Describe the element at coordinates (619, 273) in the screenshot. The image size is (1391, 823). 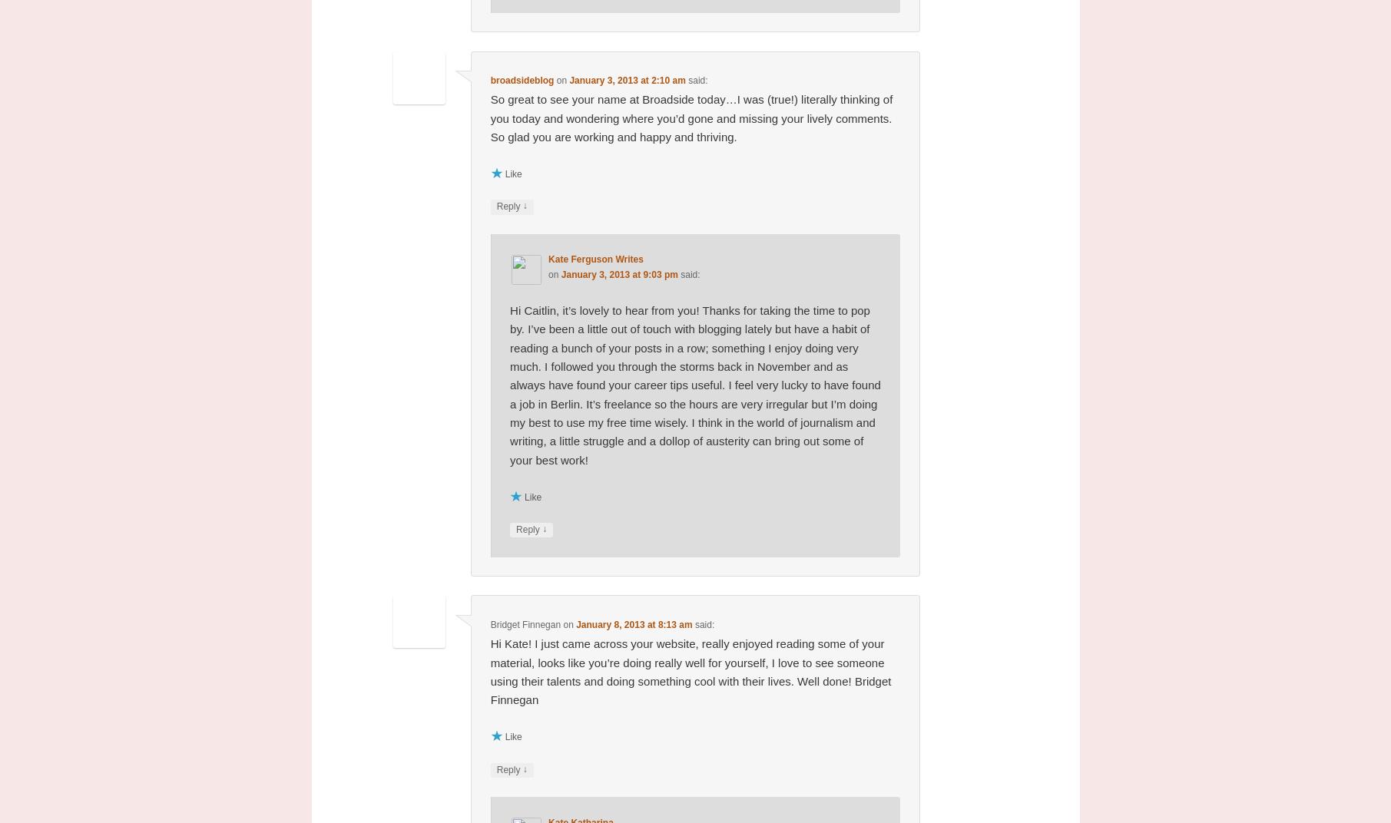
I see `'January 3, 2013 at 9:03 pm'` at that location.